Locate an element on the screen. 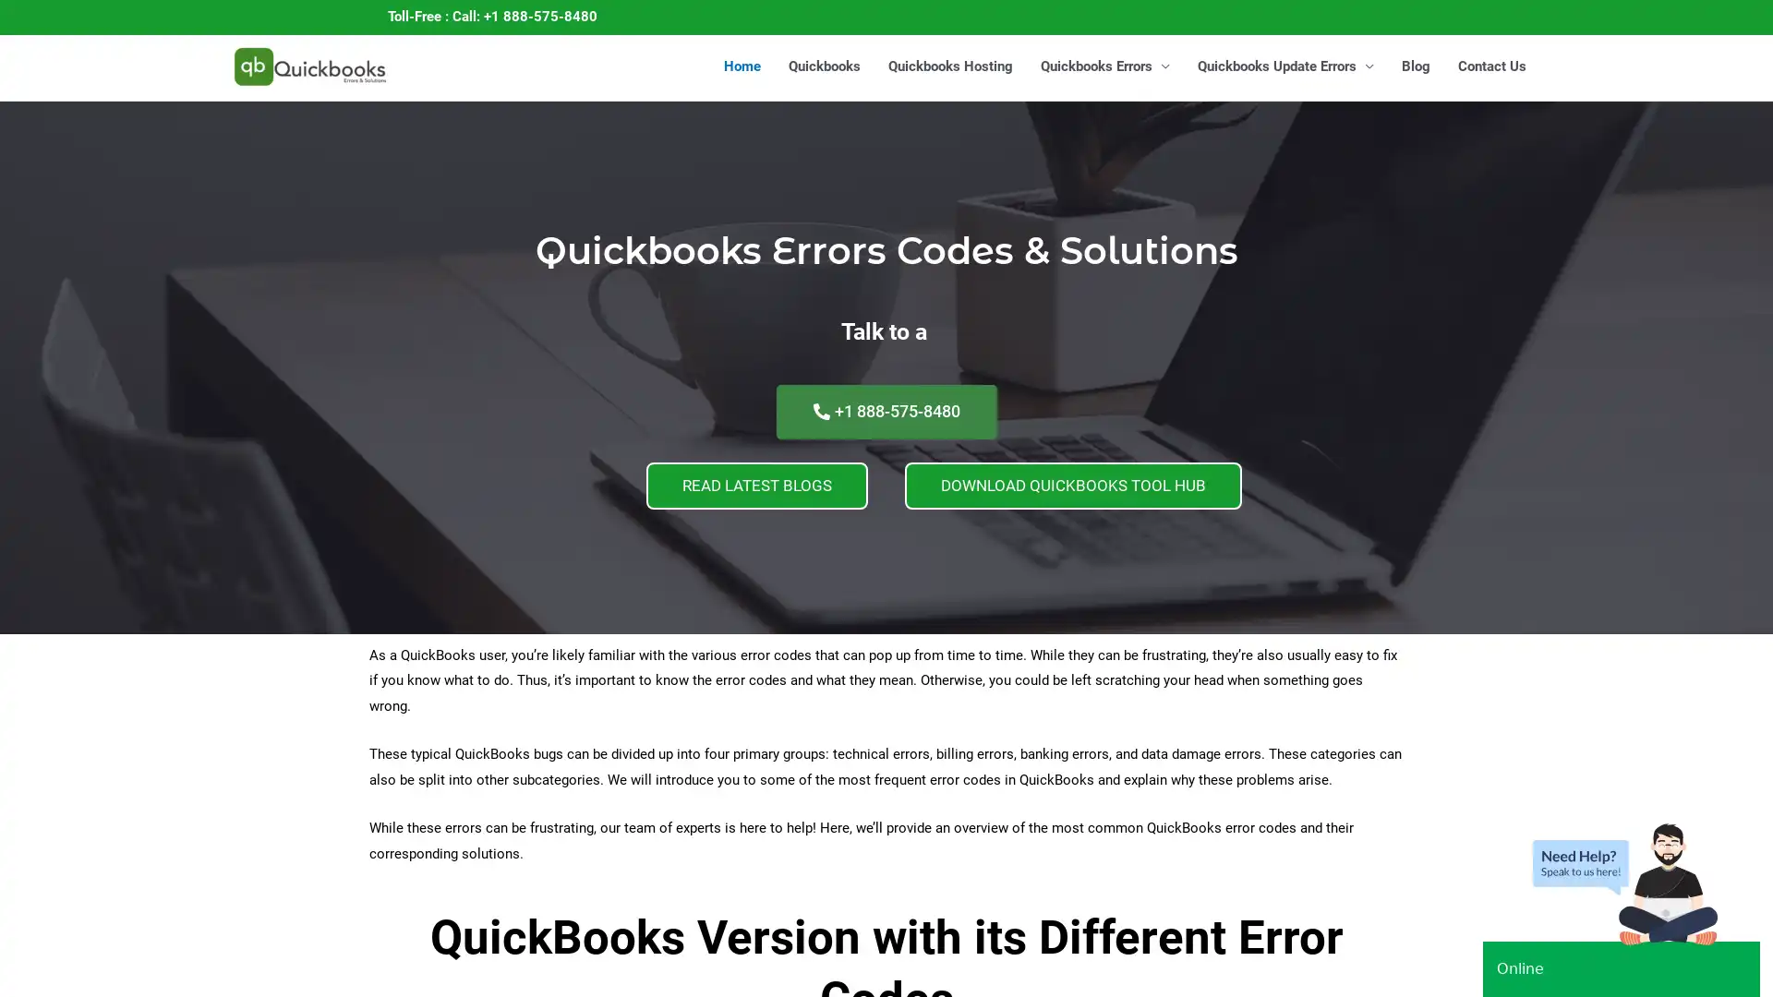  DOWNLOAD QUICKBOOKS TOOL HUB is located at coordinates (1073, 484).